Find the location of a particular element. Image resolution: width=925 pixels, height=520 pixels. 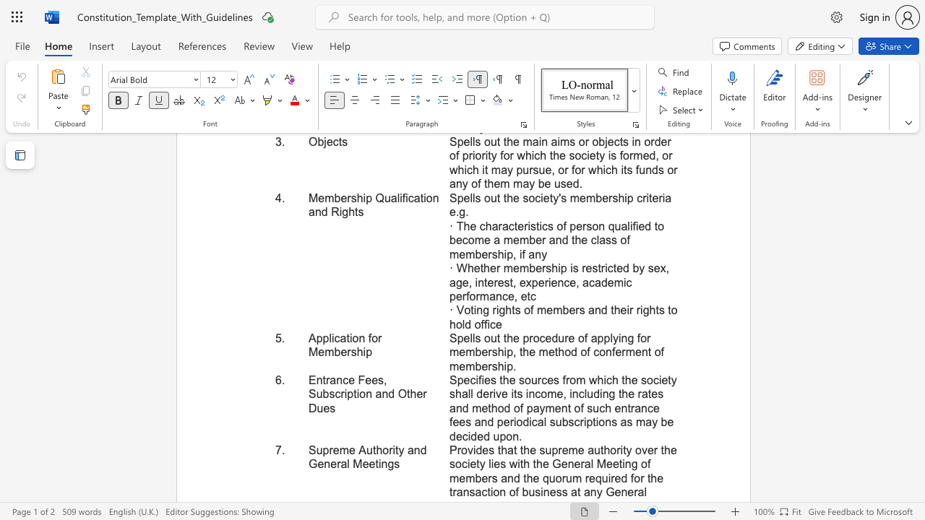

the subset text "ciety shall deri" within the text "Specifies the sources from which the society shall derive its income, including the rates and method of payment of such entrance fees and periodical subscriptions as may be decided upon." is located at coordinates (652, 379).